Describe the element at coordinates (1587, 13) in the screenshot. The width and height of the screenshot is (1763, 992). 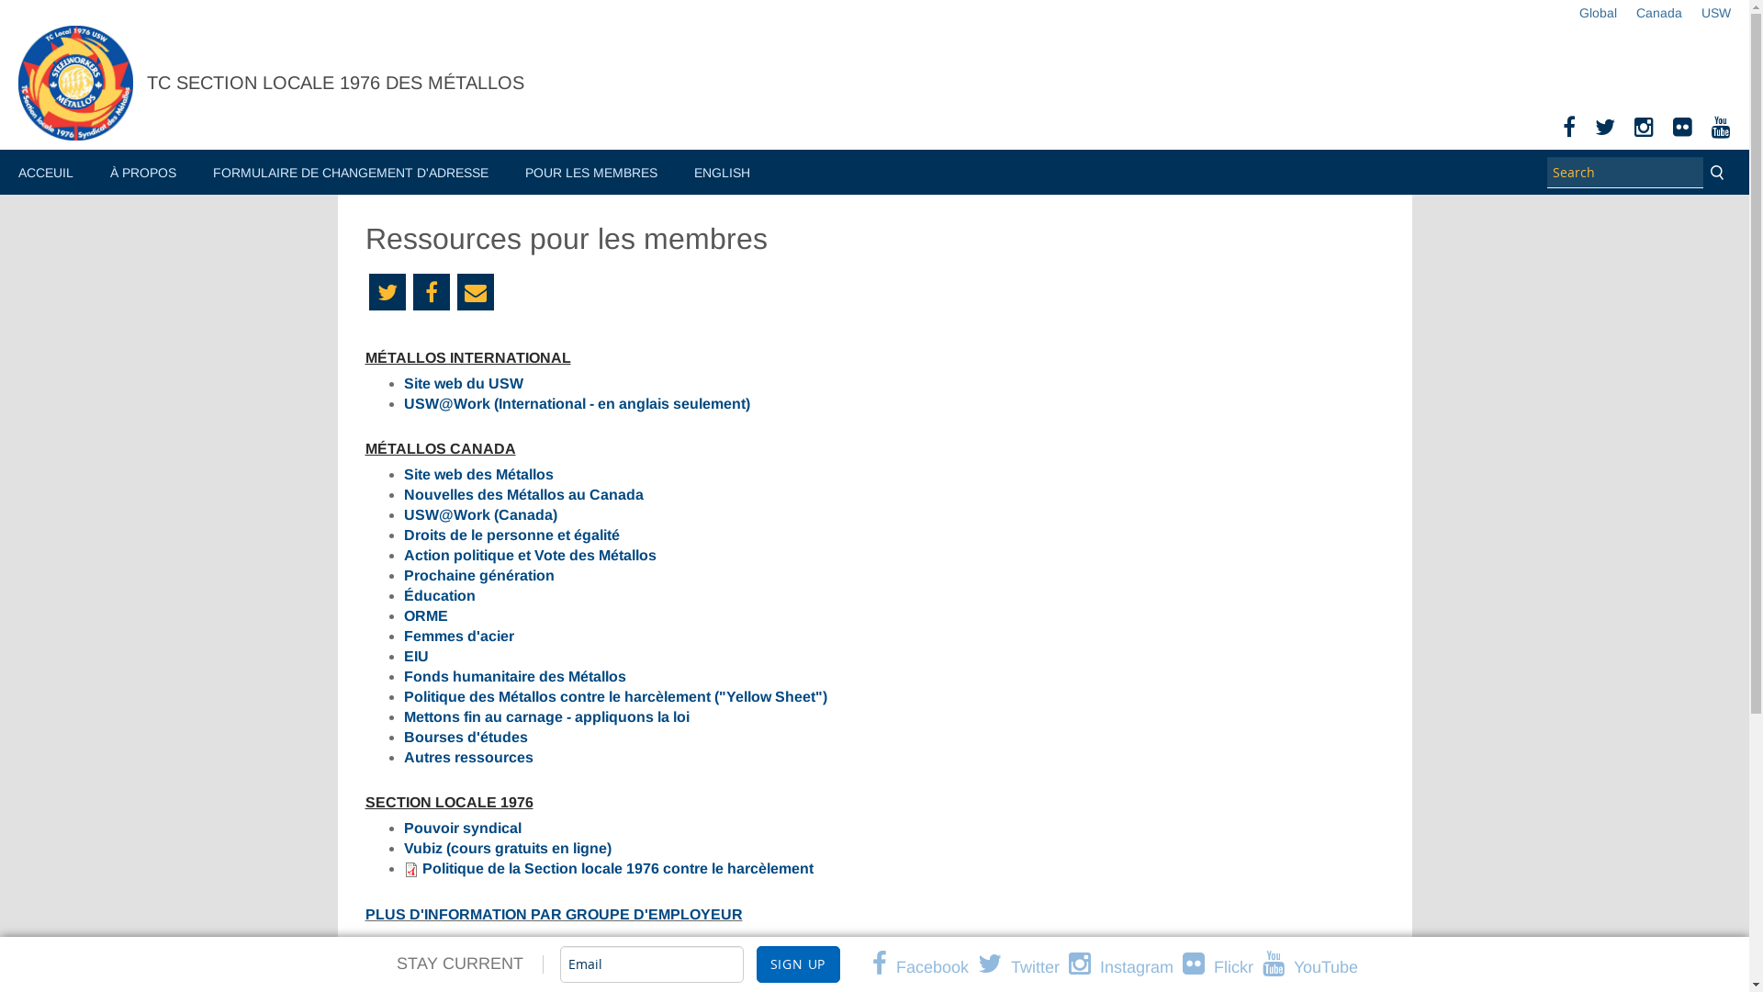
I see `'Global'` at that location.